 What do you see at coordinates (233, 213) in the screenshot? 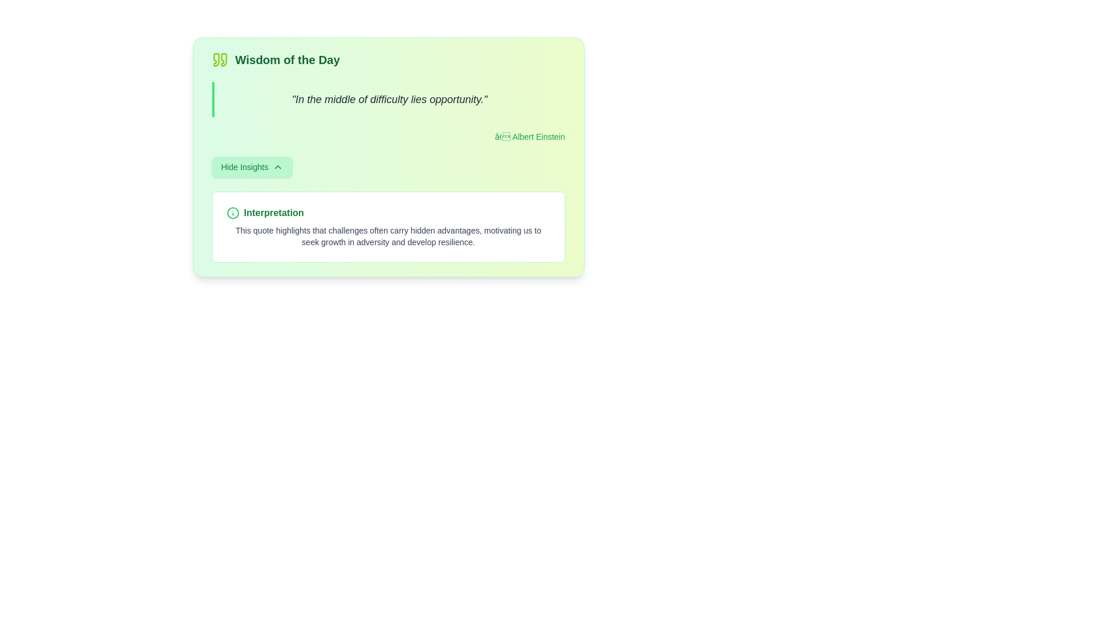
I see `the informational icon located to the immediate left of the bold green text label 'Interpretation', which is found within a white background sub-section below the 'Wisdom of the Day' header` at bounding box center [233, 213].